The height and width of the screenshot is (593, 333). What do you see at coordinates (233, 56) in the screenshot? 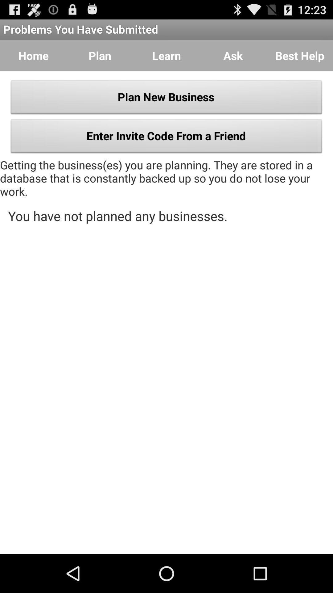
I see `the item below problems you have` at bounding box center [233, 56].